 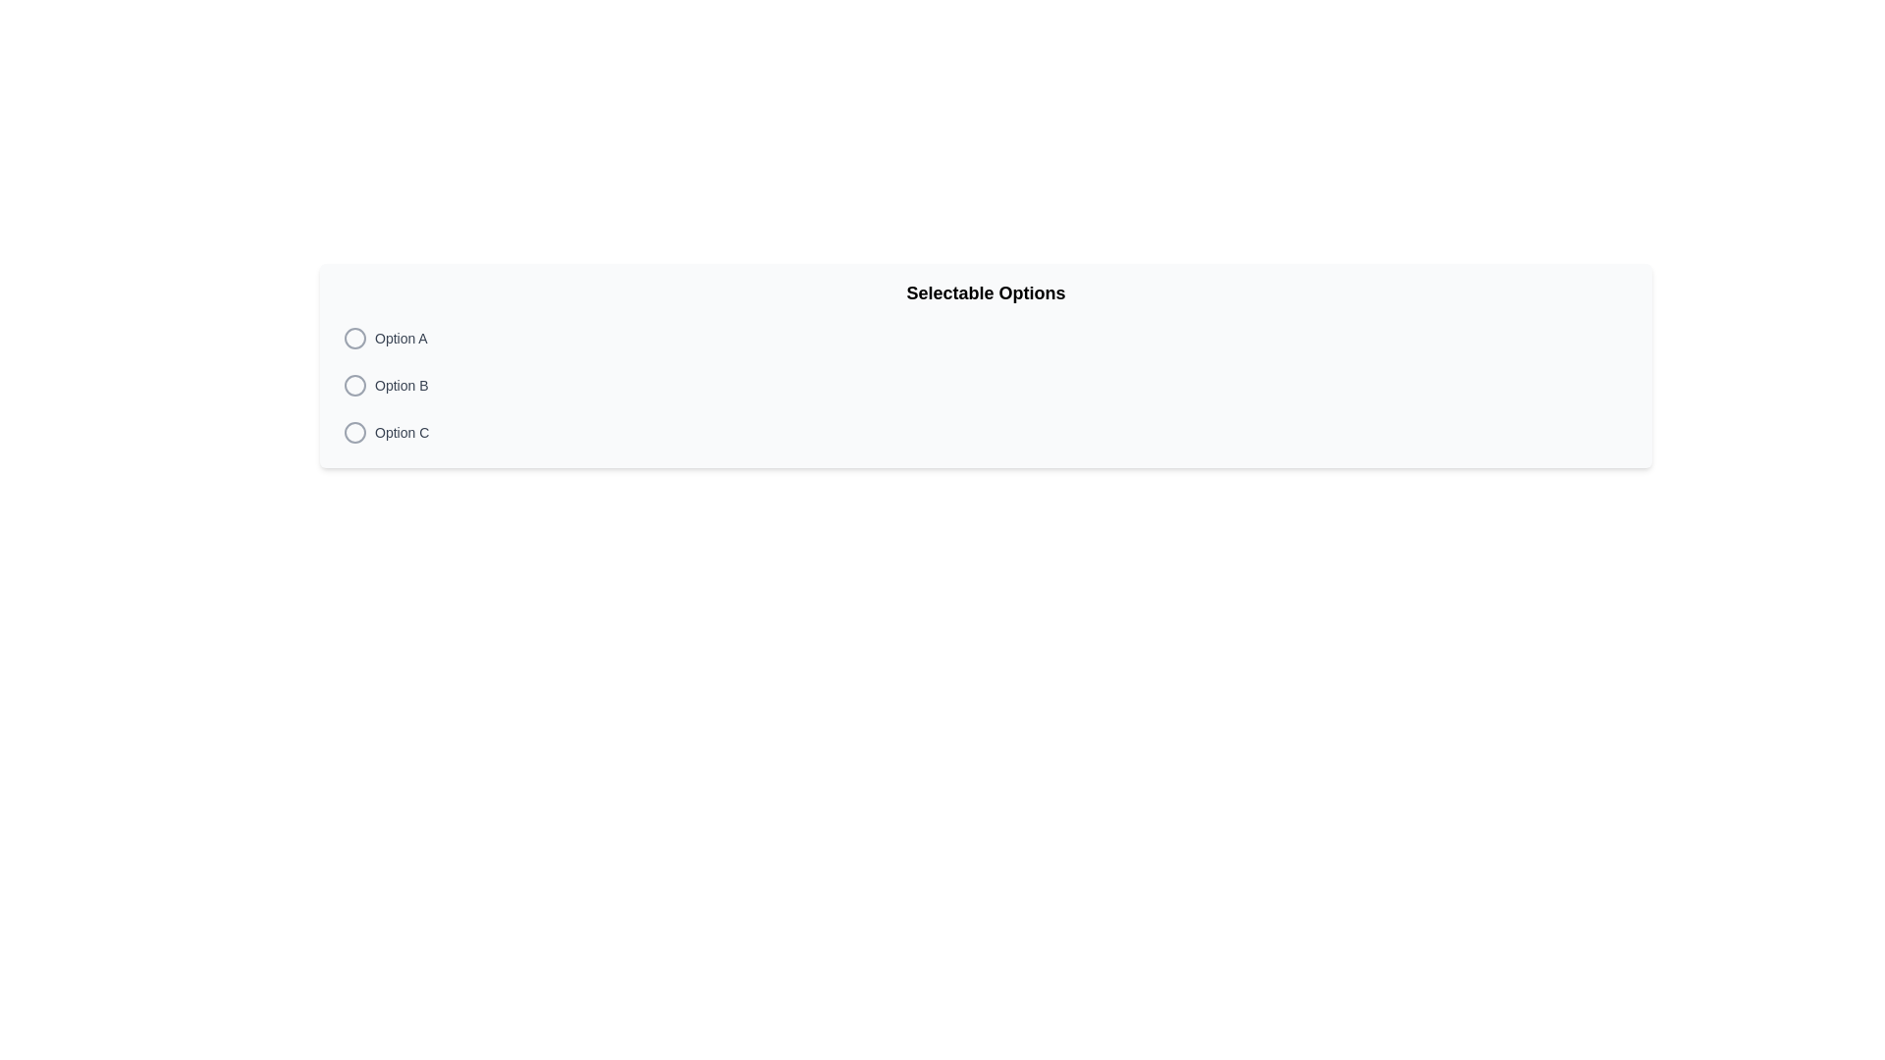 I want to click on the radio button associated with 'Option C', so click(x=354, y=431).